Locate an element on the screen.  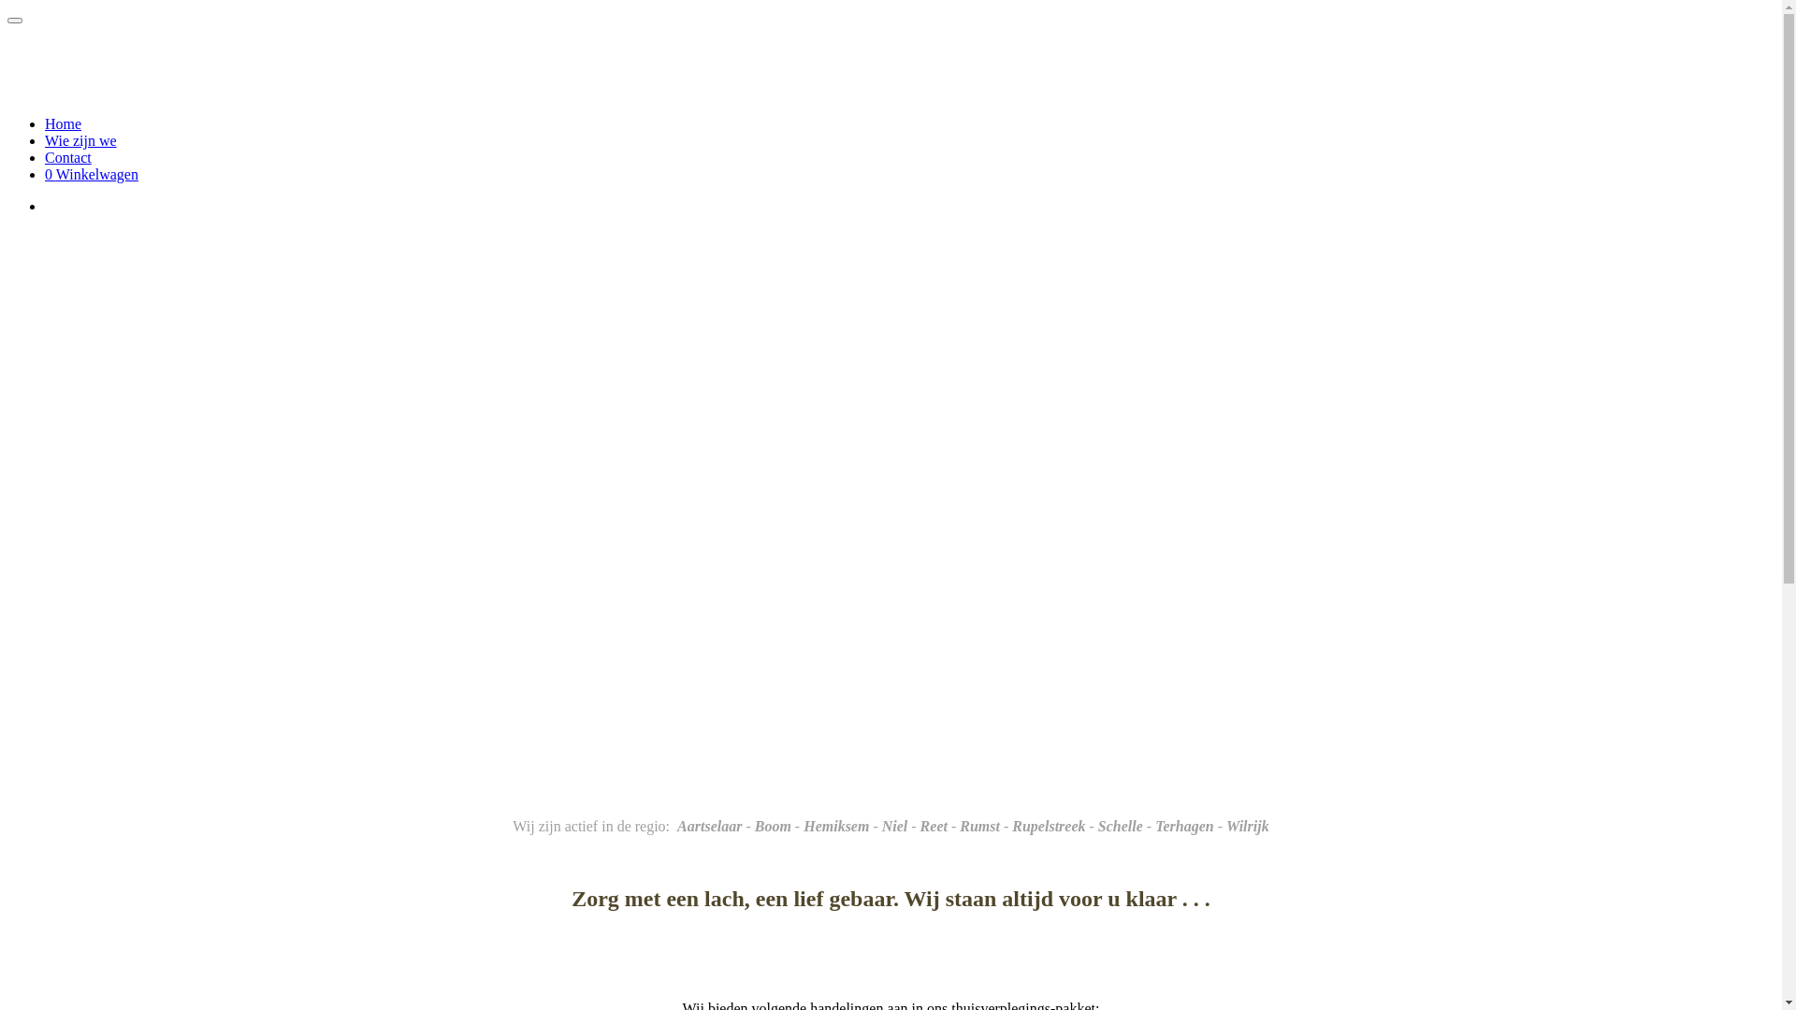
'Home' is located at coordinates (63, 123).